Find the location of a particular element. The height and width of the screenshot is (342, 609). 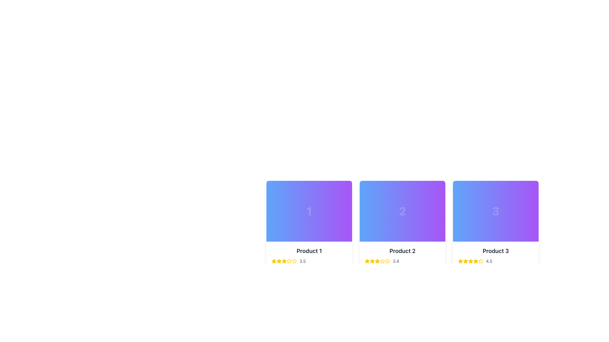

the yellow outlined star icon used for rating in the 'Product 3' card is located at coordinates (470, 261).